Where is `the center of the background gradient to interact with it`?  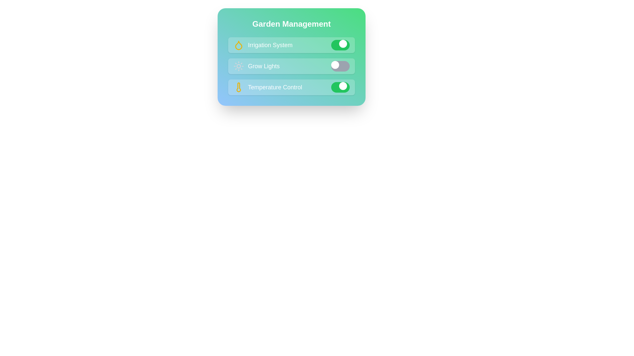
the center of the background gradient to interact with it is located at coordinates (291, 57).